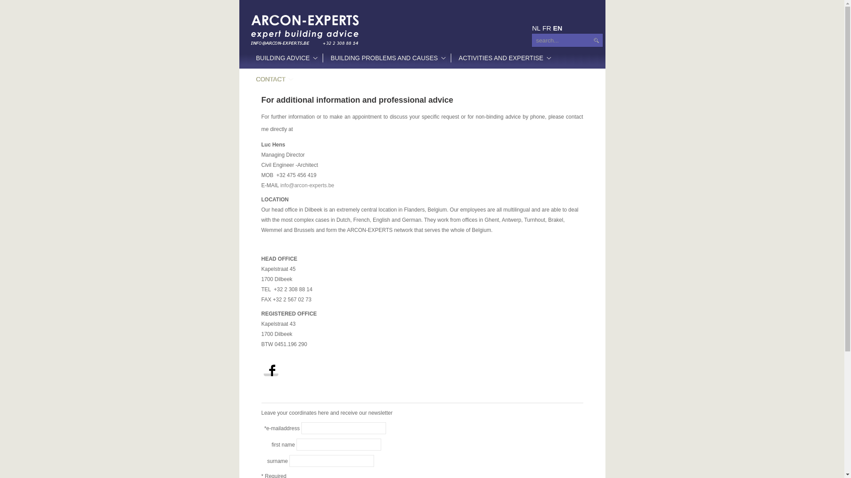 The height and width of the screenshot is (478, 851). Describe the element at coordinates (504, 58) in the screenshot. I see `'ACTIVITIES AND EXPERTISE'` at that location.